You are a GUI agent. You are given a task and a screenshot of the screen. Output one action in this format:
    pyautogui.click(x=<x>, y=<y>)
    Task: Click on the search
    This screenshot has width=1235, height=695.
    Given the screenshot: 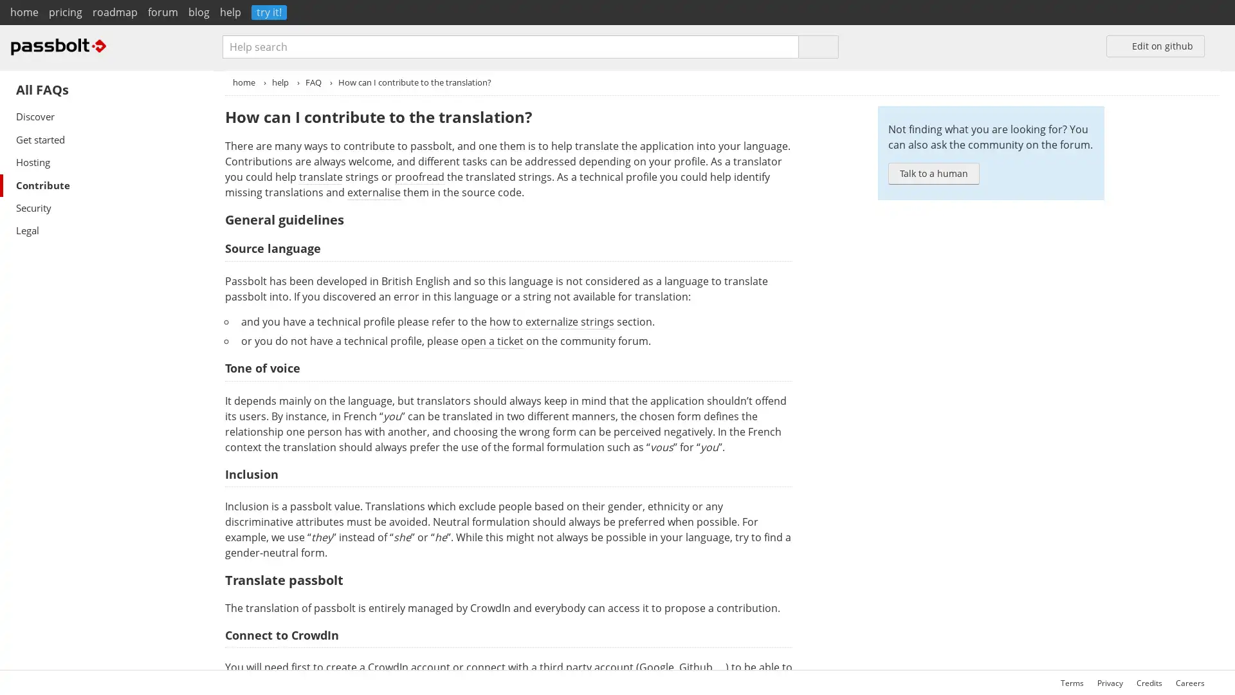 What is the action you would take?
    pyautogui.click(x=818, y=46)
    